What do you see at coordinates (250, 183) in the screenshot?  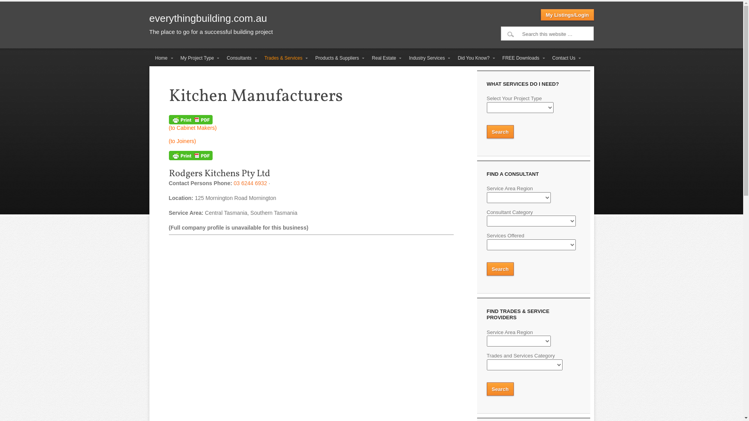 I see `'03 6244 6932'` at bounding box center [250, 183].